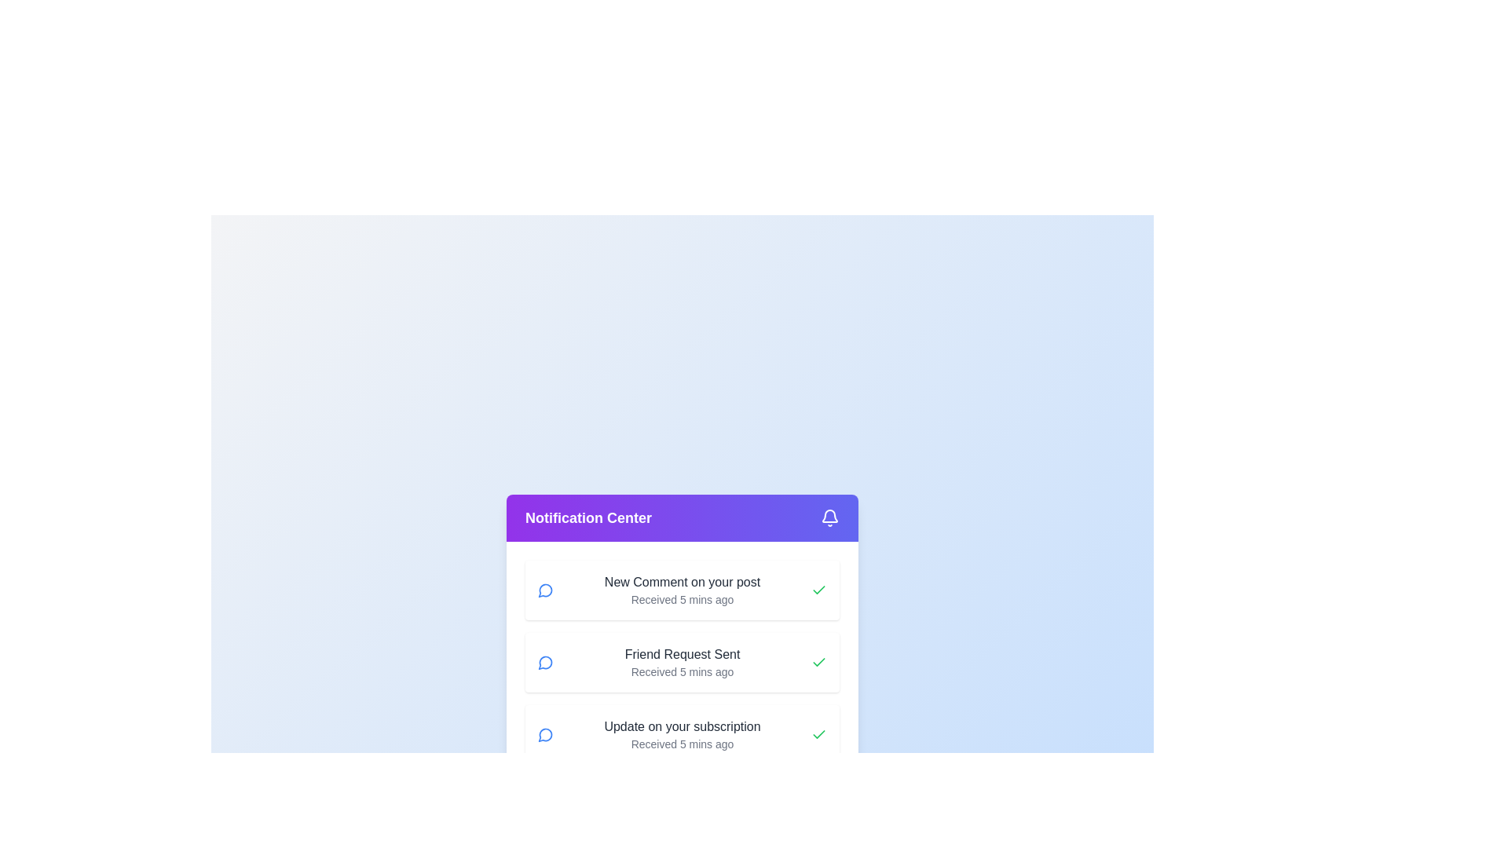 This screenshot has width=1508, height=848. I want to click on the checkmark icon on the second notification item in the Notification Center to confirm the friend request action, so click(682, 663).